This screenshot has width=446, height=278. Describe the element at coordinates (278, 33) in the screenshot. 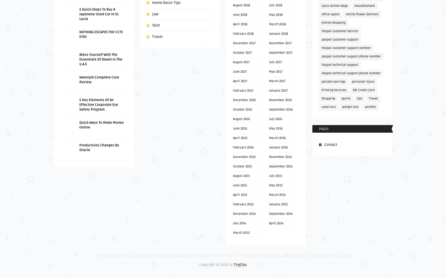

I see `'January 2018'` at that location.